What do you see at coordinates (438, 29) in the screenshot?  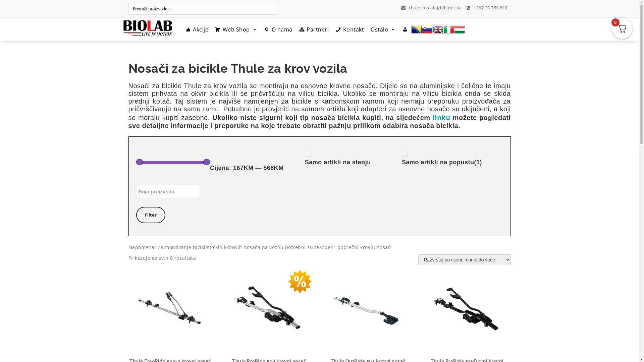 I see `'English'` at bounding box center [438, 29].